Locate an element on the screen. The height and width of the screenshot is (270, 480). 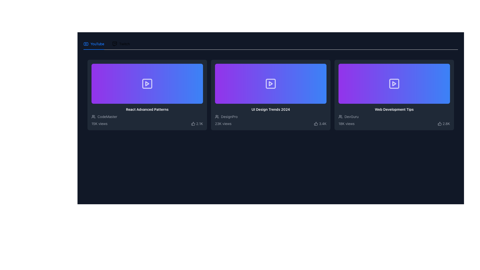
the triangular-shaped play button icon located centrally within the play button overlay of the 'Web Development Tips' thumbnail card is located at coordinates (394, 83).